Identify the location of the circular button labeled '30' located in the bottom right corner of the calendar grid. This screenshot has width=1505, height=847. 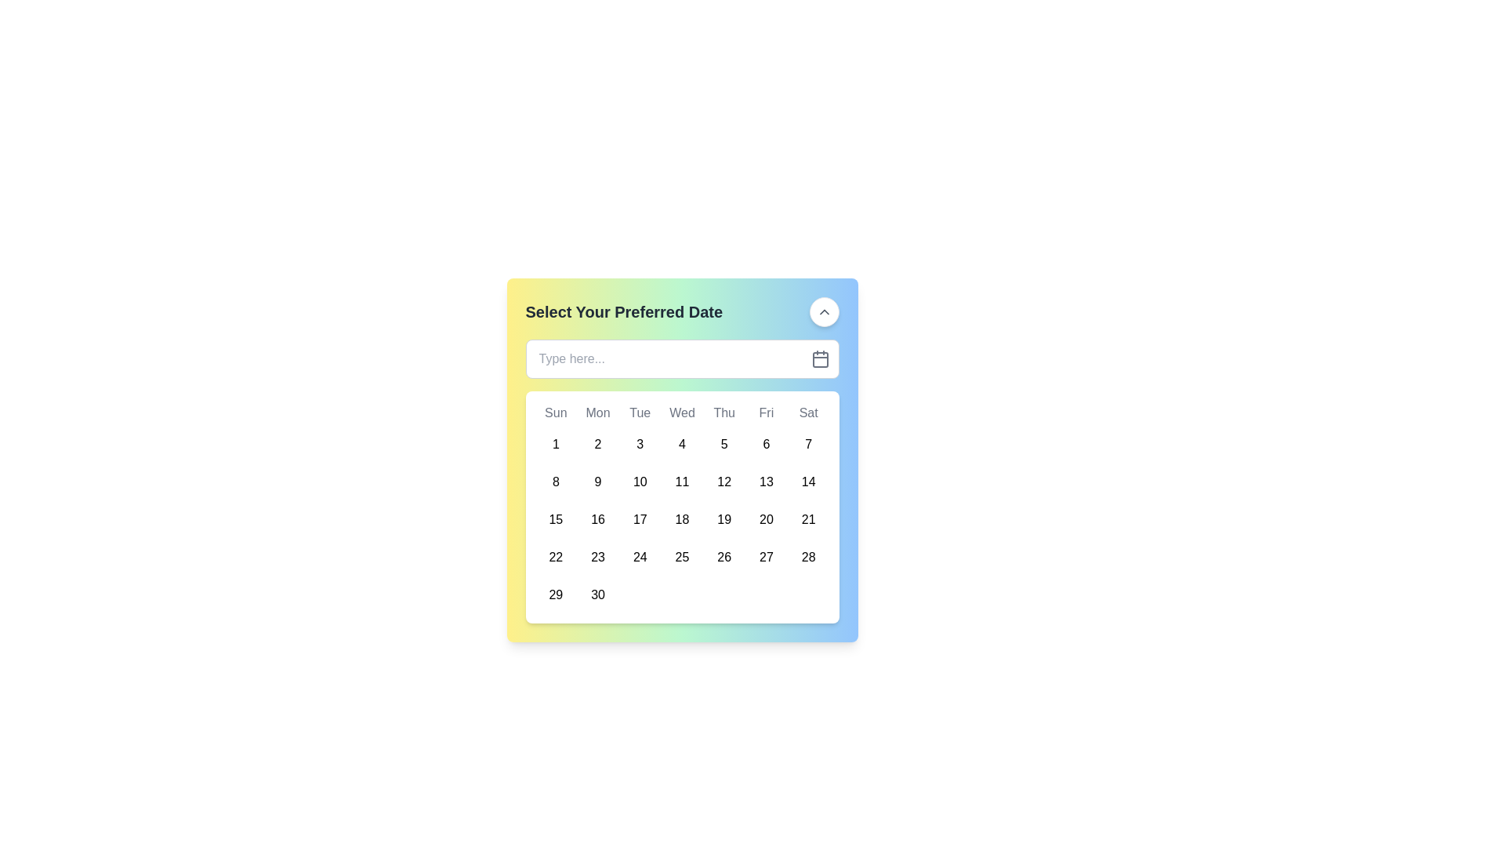
(597, 595).